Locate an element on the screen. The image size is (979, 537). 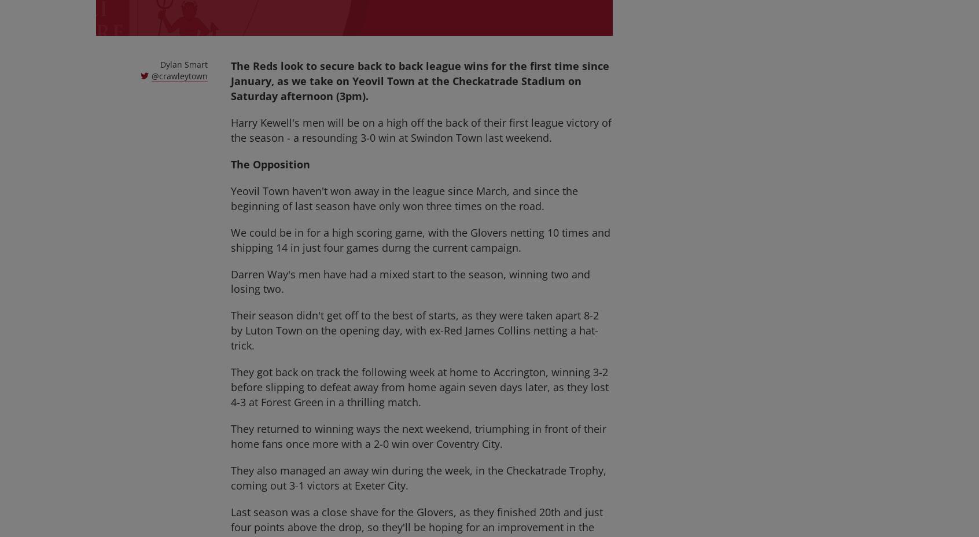
'They also managed an away win during the week, in the Checkatrade Trophy, coming out 3-1 victors at Exeter City.' is located at coordinates (418, 478).